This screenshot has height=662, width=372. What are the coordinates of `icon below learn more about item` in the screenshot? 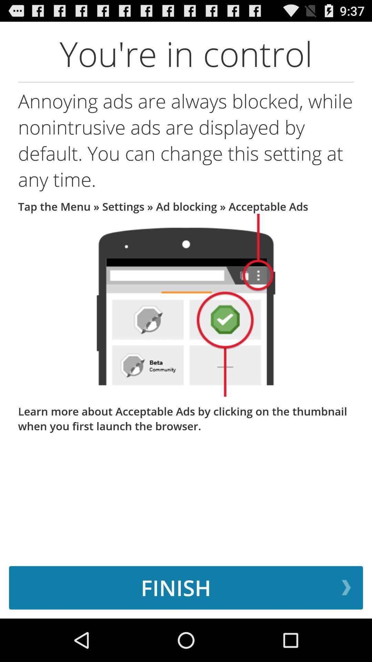 It's located at (186, 587).